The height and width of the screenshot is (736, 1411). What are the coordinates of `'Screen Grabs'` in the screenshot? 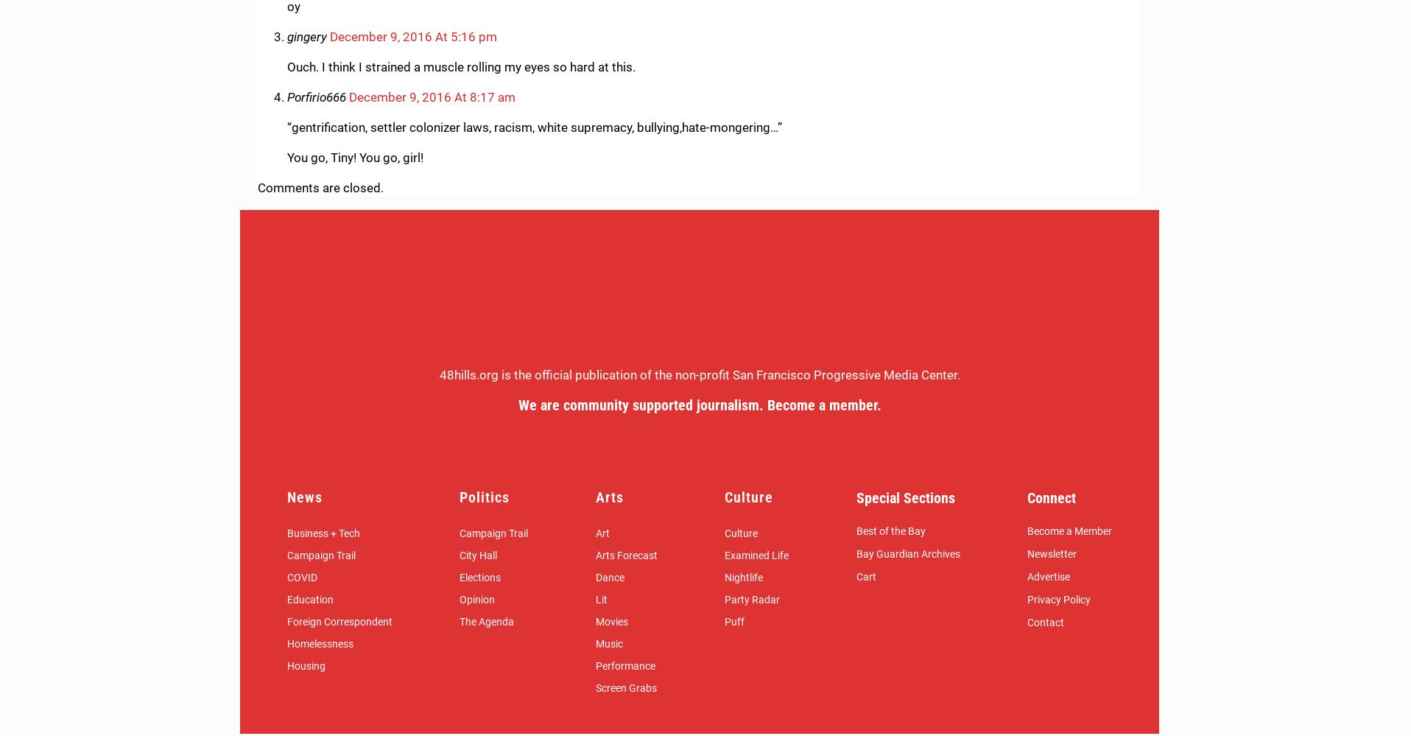 It's located at (594, 687).